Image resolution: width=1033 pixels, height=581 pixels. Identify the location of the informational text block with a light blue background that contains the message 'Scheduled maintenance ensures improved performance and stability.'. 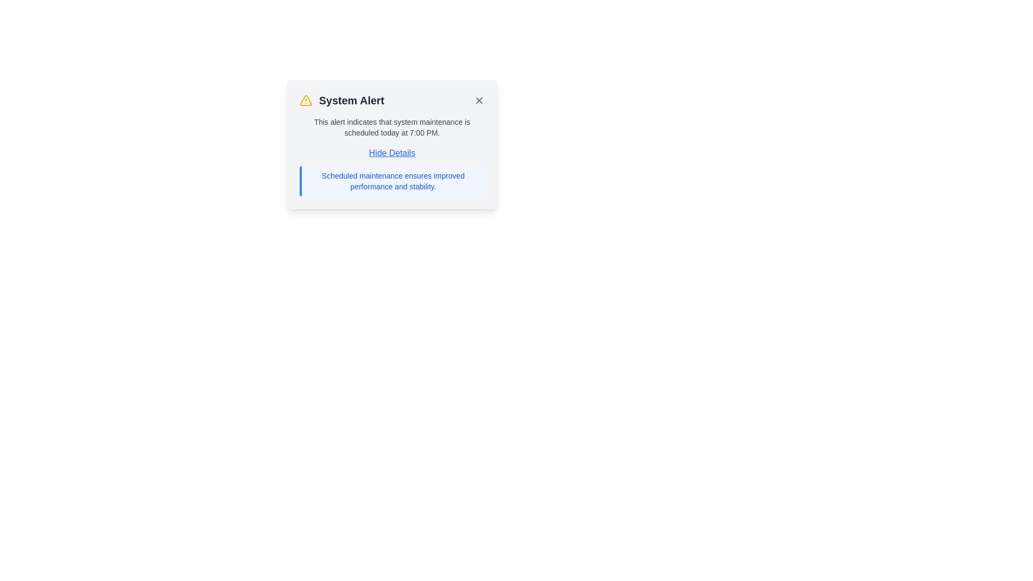
(392, 180).